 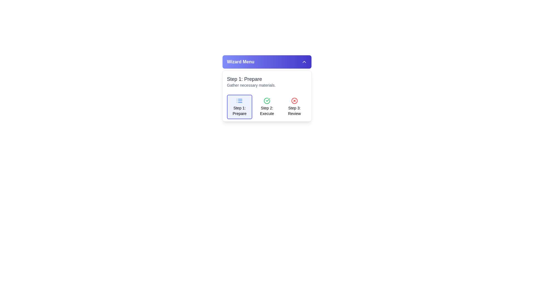 I want to click on the highlighted Step 2: Execute indicator in the Wizard Menu, so click(x=267, y=95).